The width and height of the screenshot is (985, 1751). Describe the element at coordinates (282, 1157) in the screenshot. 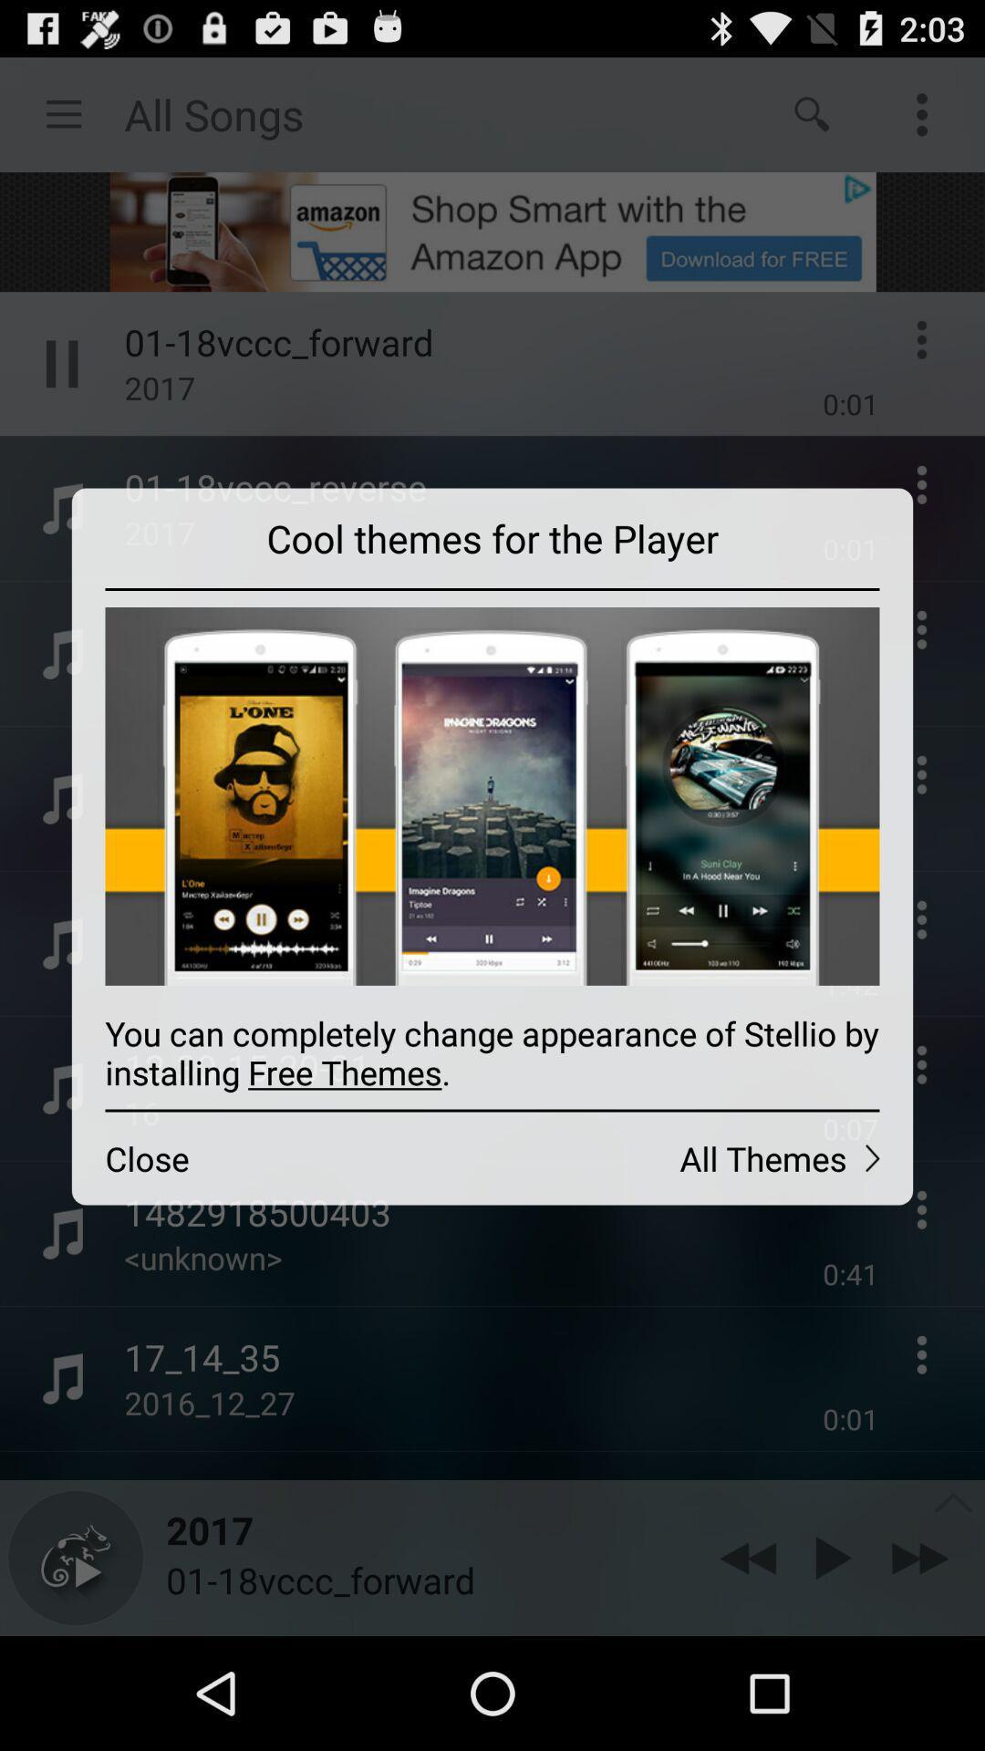

I see `the close item` at that location.